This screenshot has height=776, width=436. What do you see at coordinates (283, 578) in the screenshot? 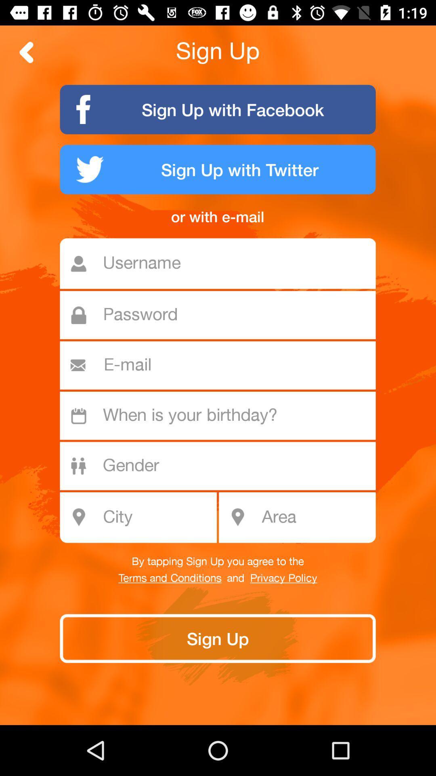
I see `privacy policy icon` at bounding box center [283, 578].